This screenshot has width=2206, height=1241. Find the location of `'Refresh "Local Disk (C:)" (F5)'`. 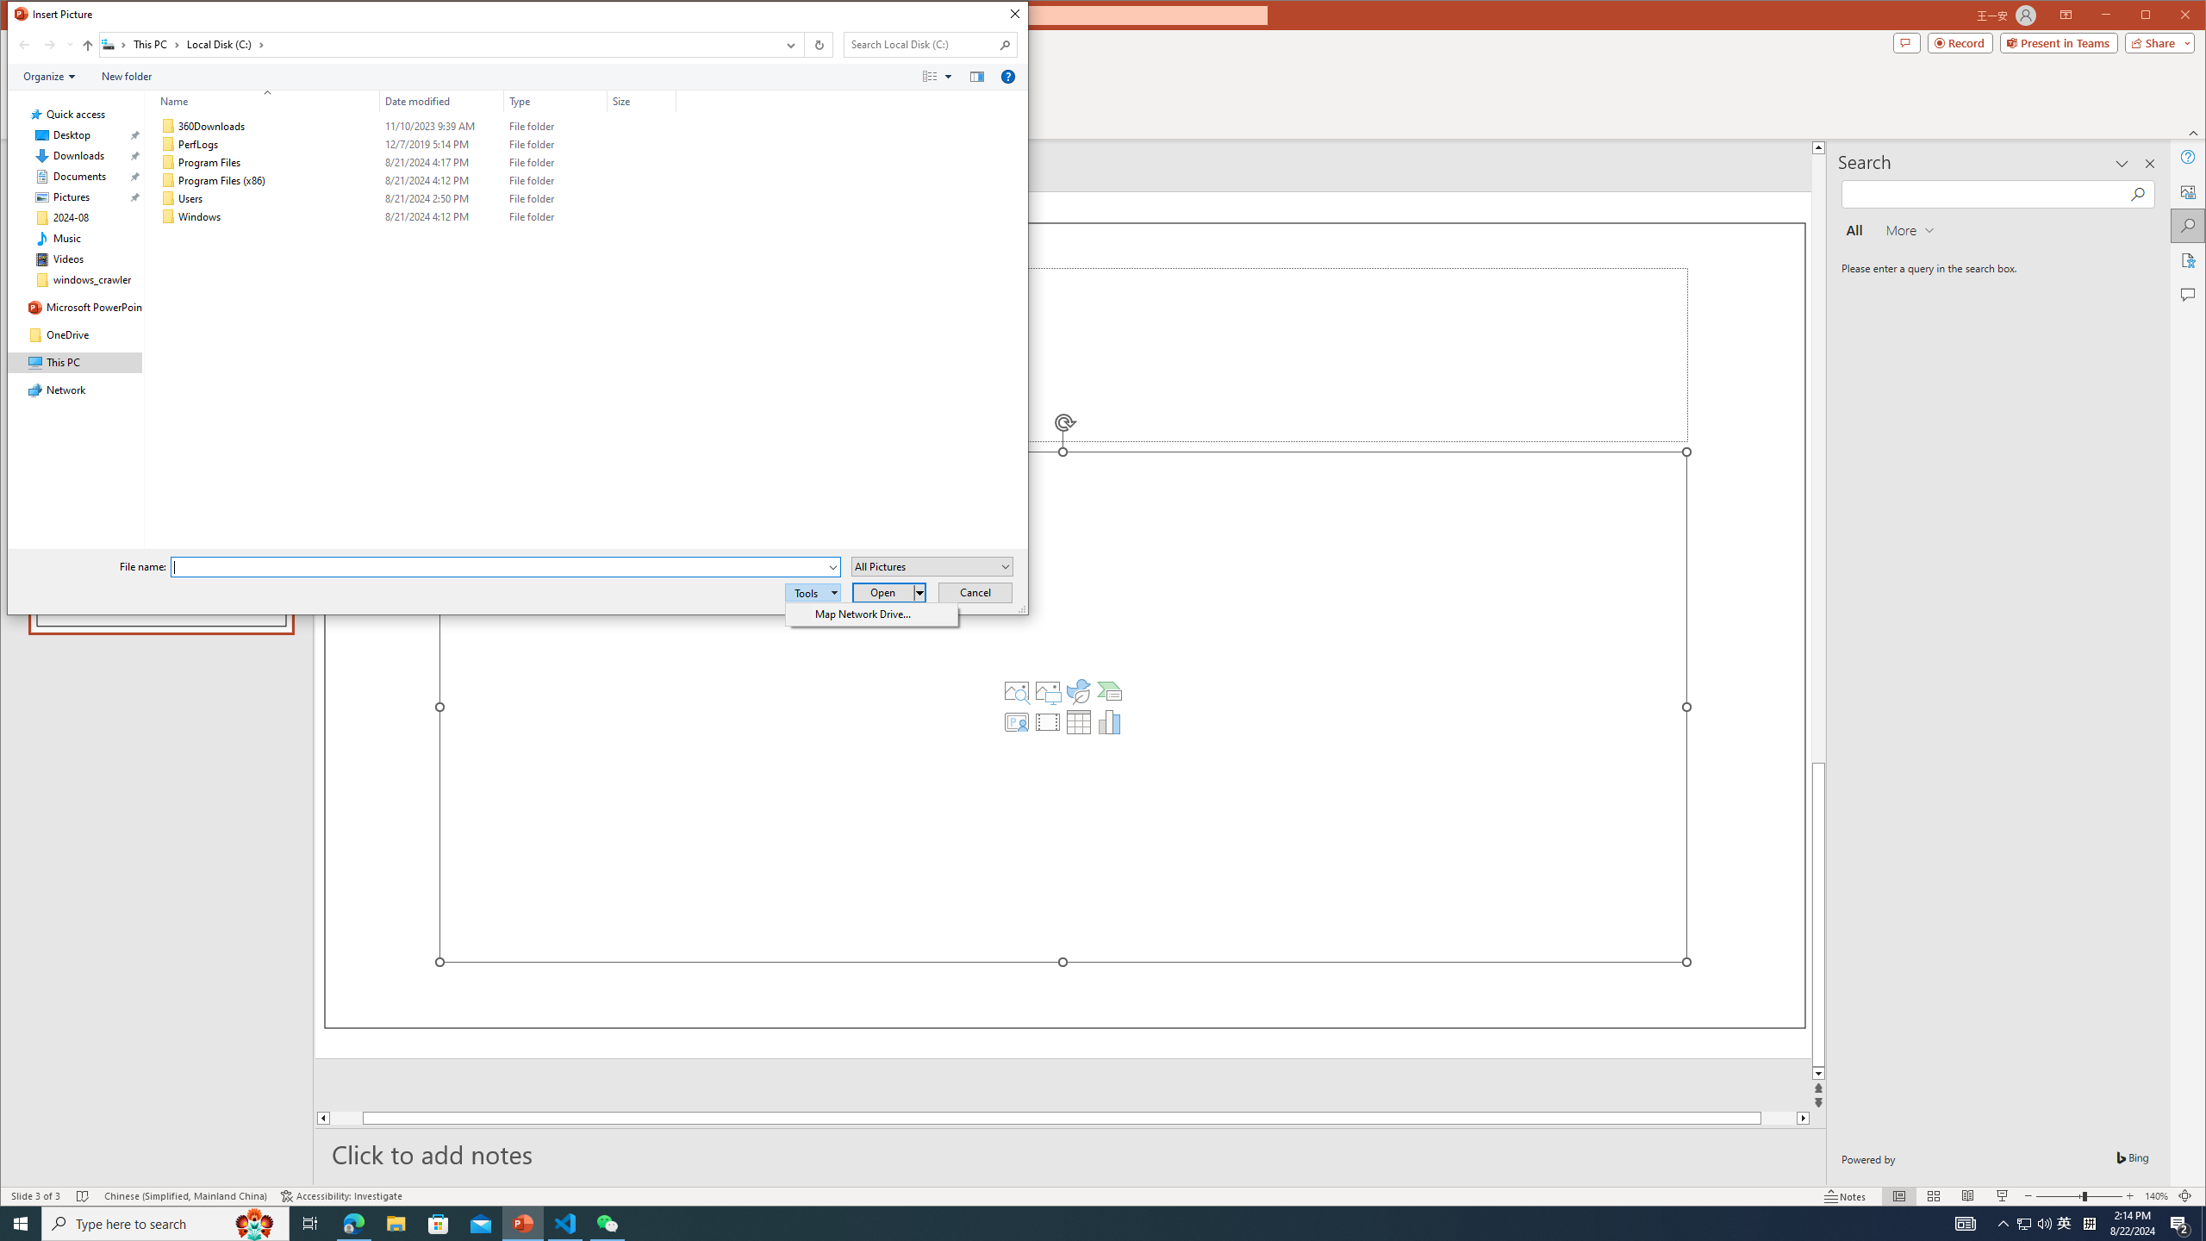

'Refresh "Local Disk (C:)" (F5)' is located at coordinates (816, 44).